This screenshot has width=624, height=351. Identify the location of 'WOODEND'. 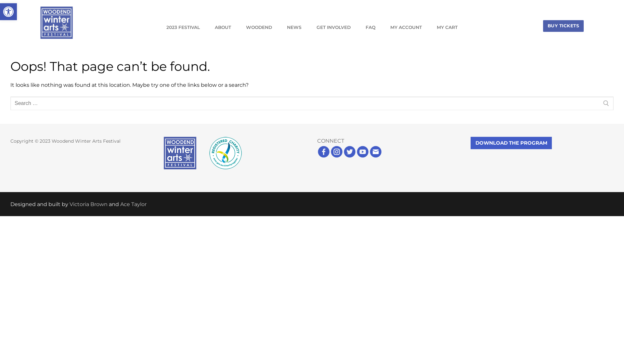
(258, 27).